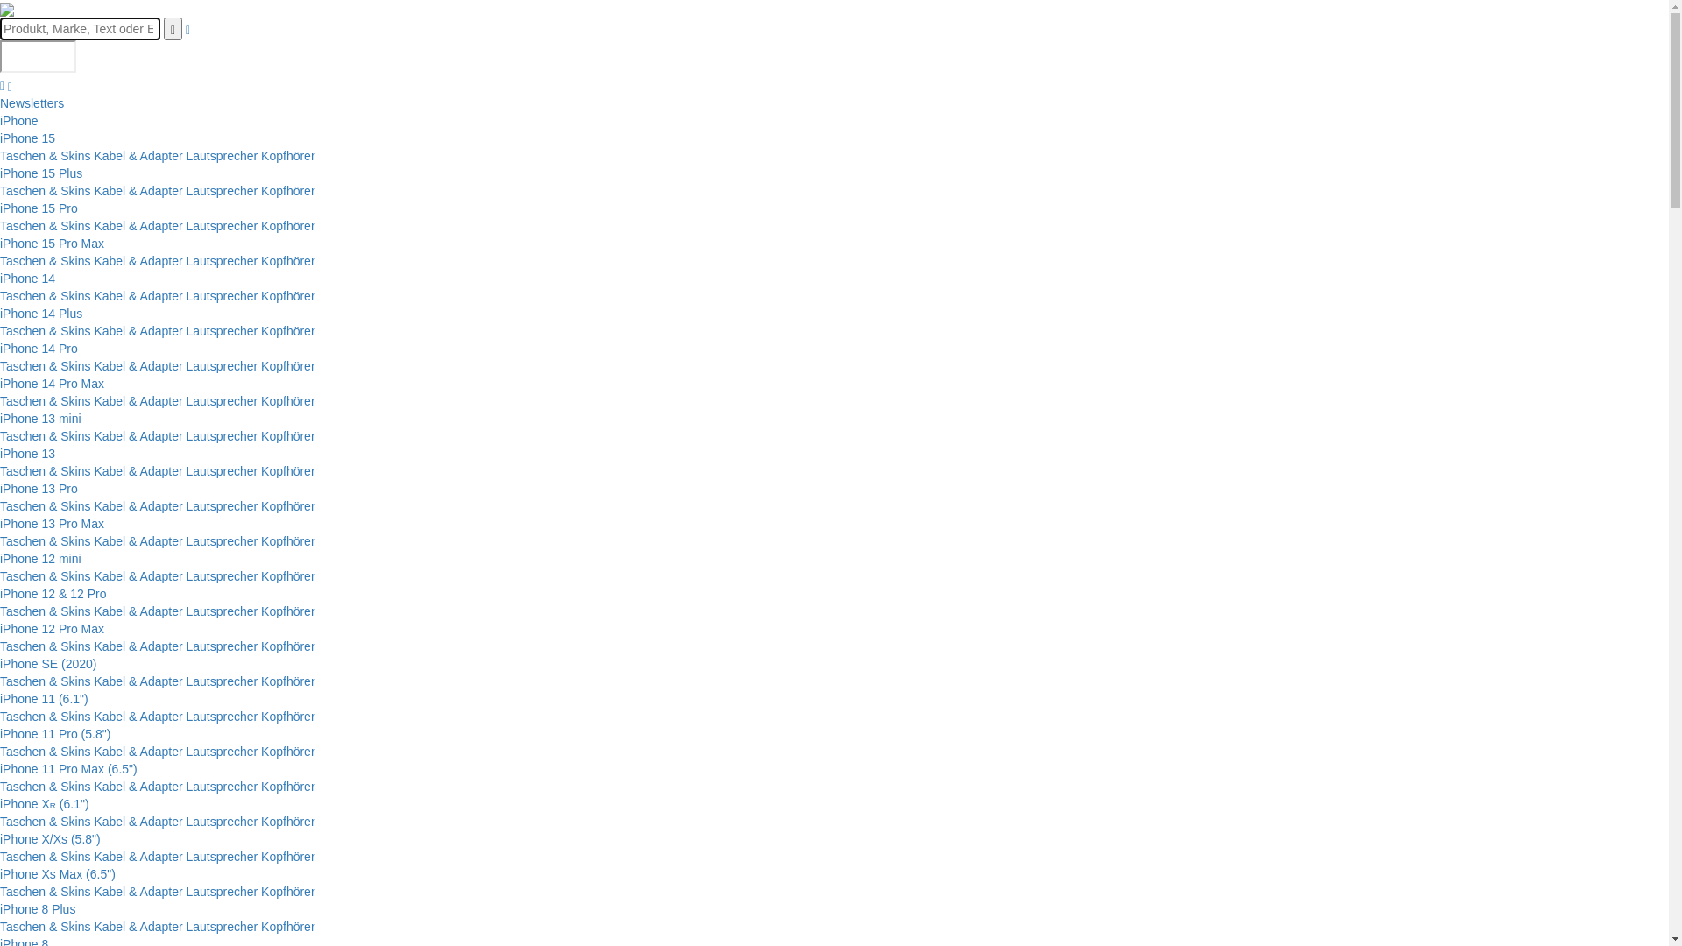 The width and height of the screenshot is (1682, 946). What do you see at coordinates (0, 627) in the screenshot?
I see `'iPhone 12 Pro Max'` at bounding box center [0, 627].